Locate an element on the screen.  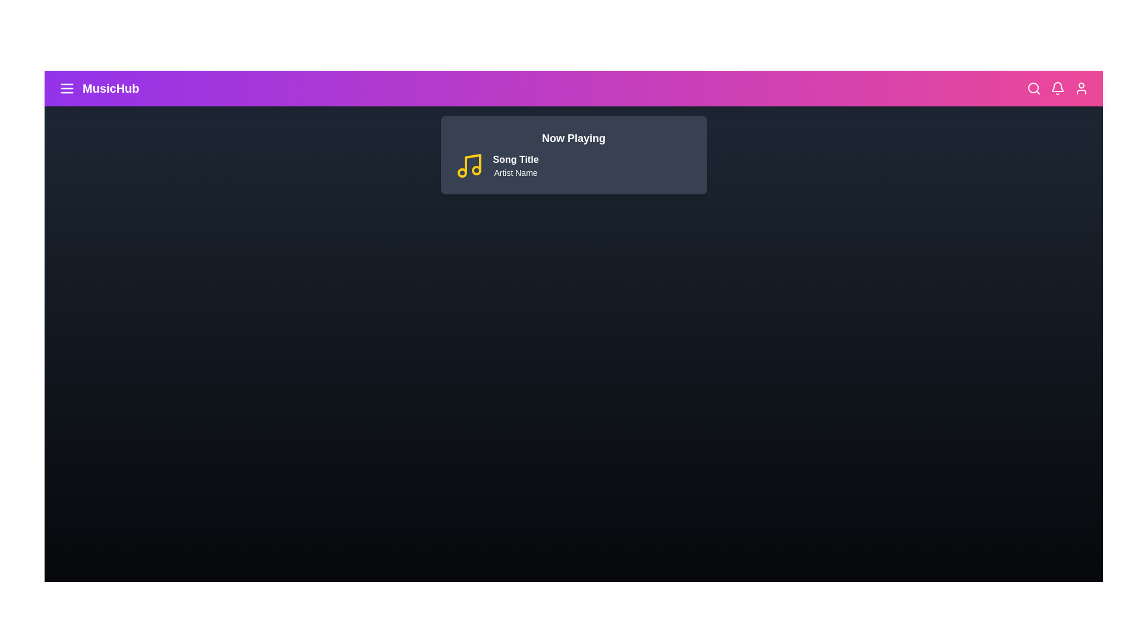
the search icon to navigate to its functionality is located at coordinates (1033, 88).